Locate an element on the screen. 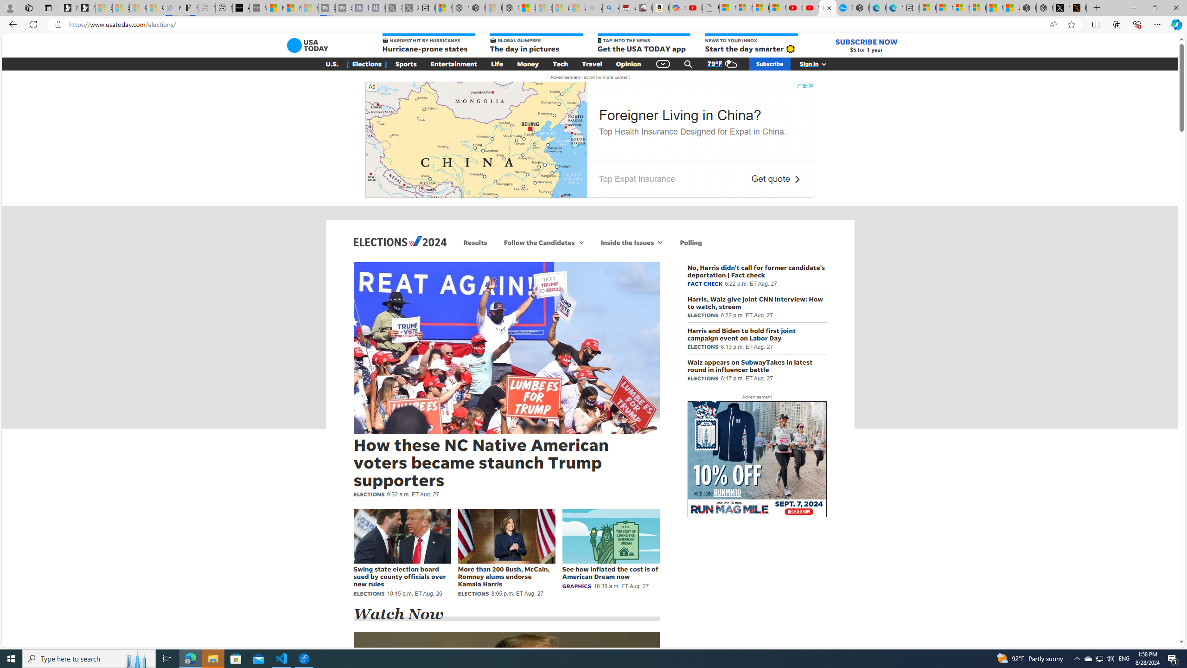 The height and width of the screenshot is (668, 1187). 'View site information' is located at coordinates (58, 25).